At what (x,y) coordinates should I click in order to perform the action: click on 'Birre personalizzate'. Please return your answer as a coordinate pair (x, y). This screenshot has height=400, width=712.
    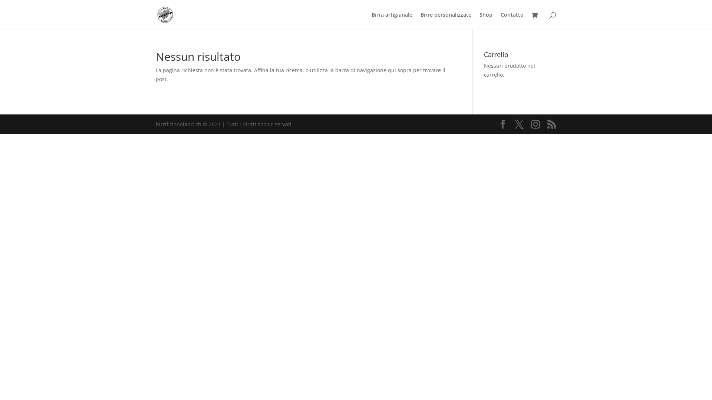
    Looking at the image, I should click on (445, 20).